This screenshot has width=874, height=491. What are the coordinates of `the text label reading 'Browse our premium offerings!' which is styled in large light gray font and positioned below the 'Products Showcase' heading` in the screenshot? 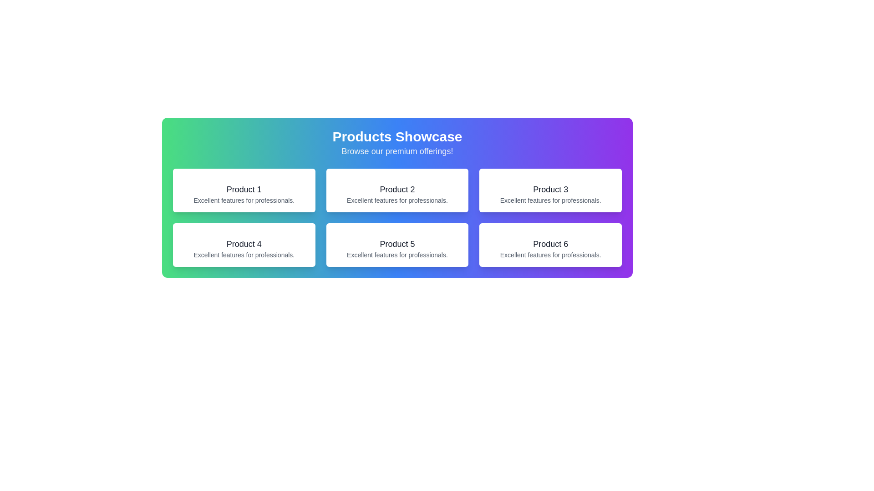 It's located at (397, 150).